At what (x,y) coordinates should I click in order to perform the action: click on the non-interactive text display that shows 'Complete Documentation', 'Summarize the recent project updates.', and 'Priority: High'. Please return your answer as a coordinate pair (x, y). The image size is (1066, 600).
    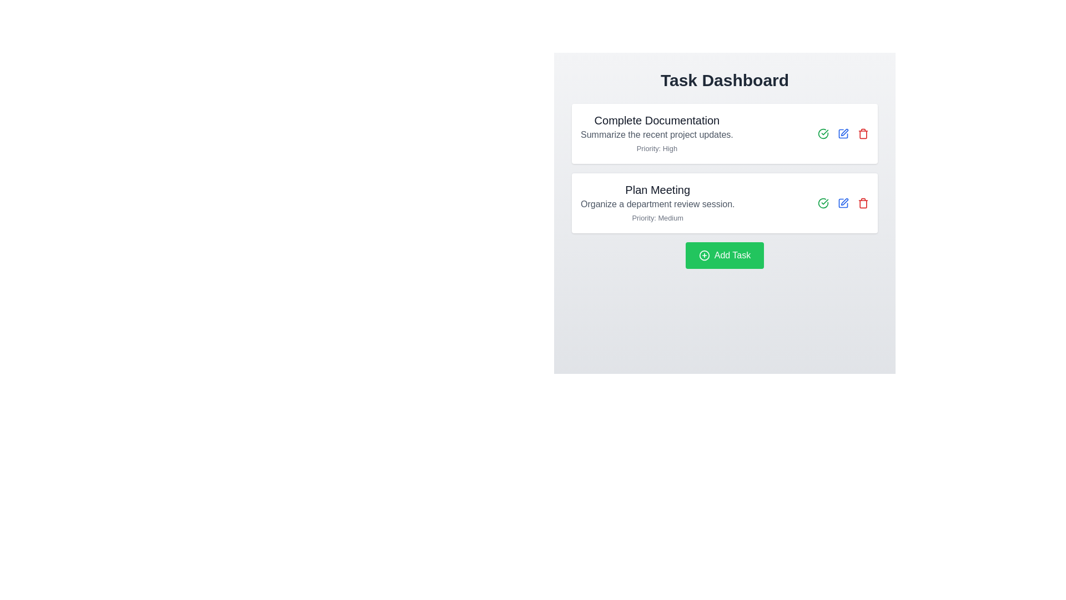
    Looking at the image, I should click on (657, 133).